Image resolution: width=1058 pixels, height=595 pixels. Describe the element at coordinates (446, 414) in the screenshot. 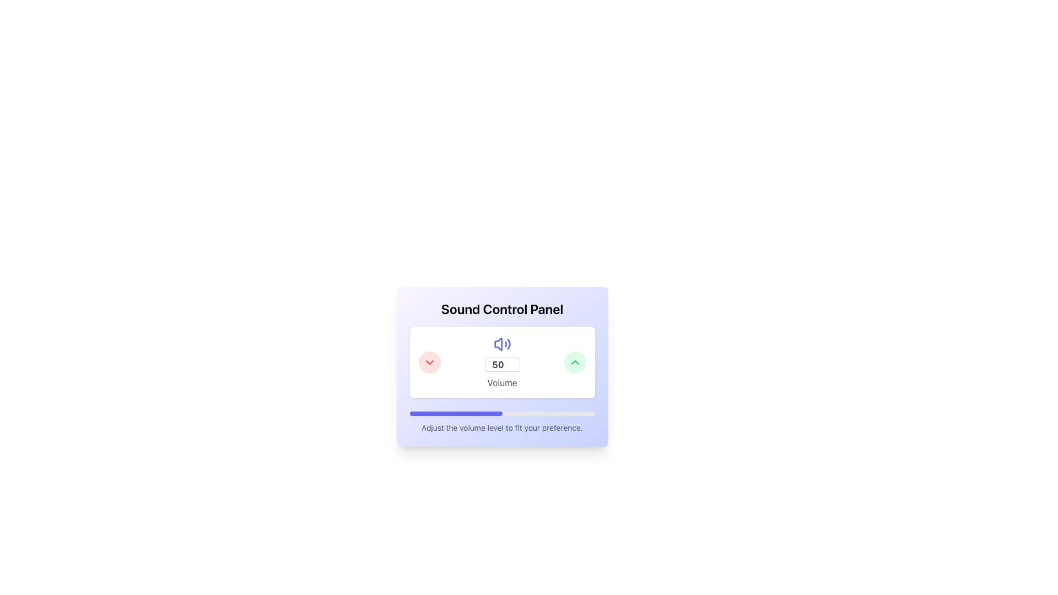

I see `the volume` at that location.